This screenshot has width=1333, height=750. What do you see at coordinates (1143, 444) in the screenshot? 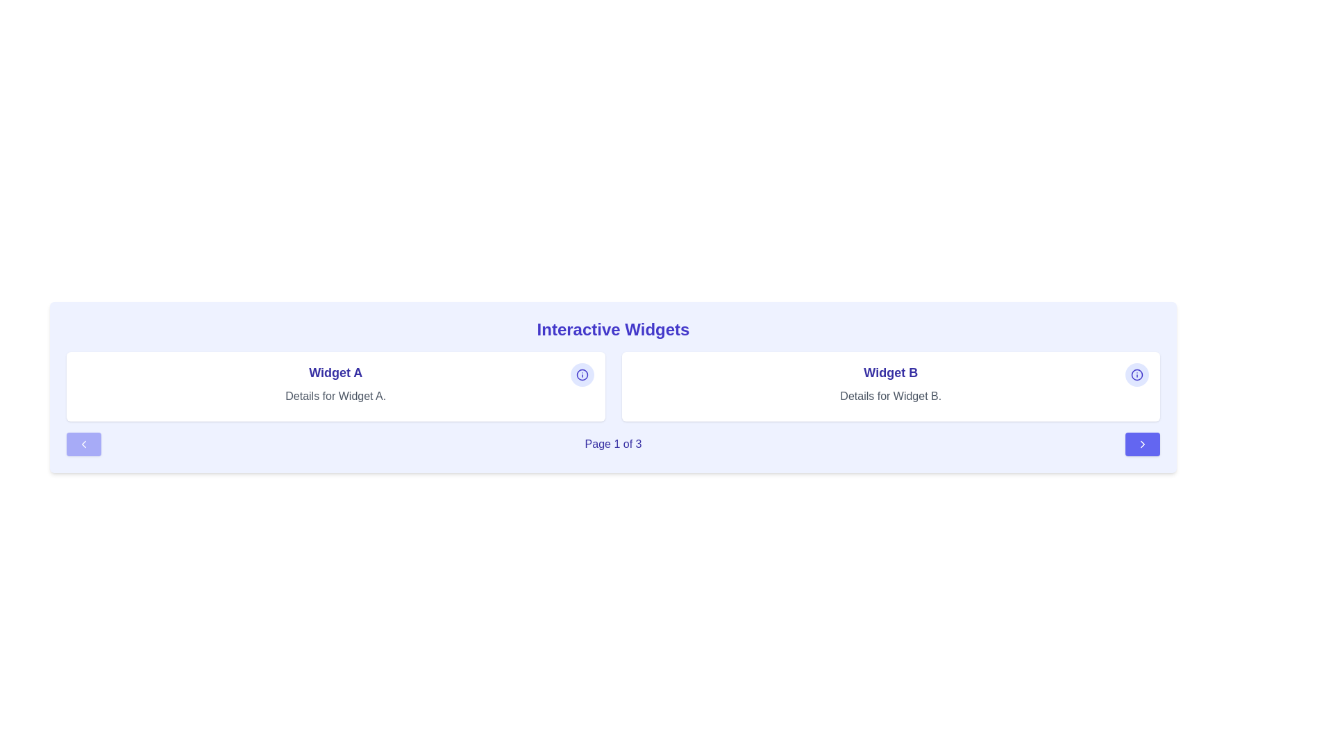
I see `the rightward-facing arrow icon button with a black outline and blue background` at bounding box center [1143, 444].